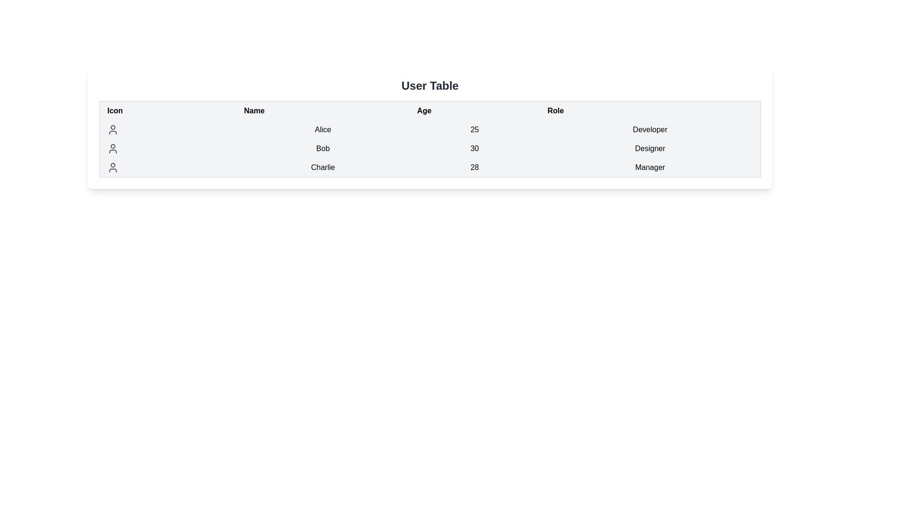 Image resolution: width=908 pixels, height=510 pixels. What do you see at coordinates (113, 129) in the screenshot?
I see `the icon representing the first user in the user table interface, located in the 'Icon' column of the first row` at bounding box center [113, 129].